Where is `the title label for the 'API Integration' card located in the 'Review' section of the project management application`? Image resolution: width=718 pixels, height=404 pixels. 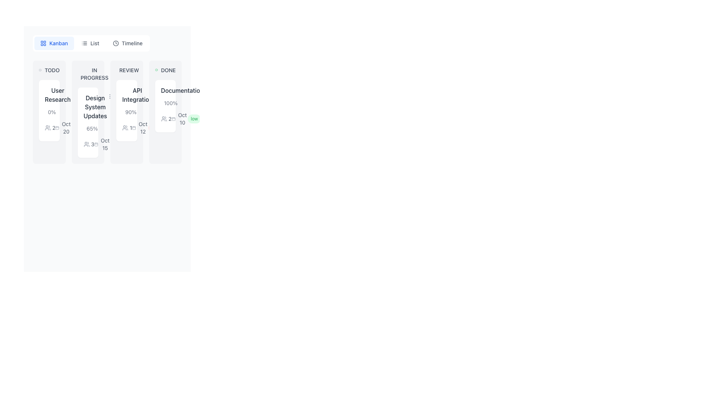
the title label for the 'API Integration' card located in the 'Review' section of the project management application is located at coordinates (126, 95).